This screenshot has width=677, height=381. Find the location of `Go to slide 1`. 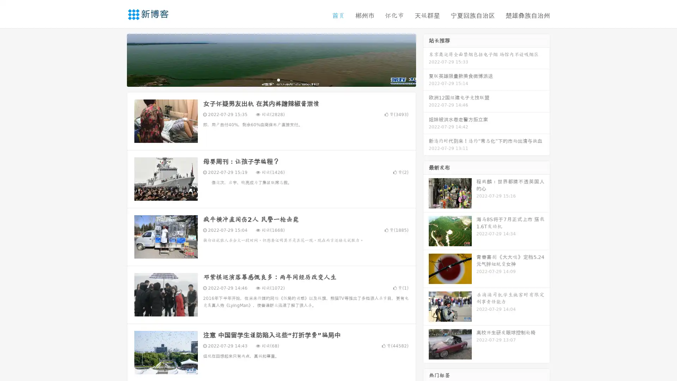

Go to slide 1 is located at coordinates (264, 79).